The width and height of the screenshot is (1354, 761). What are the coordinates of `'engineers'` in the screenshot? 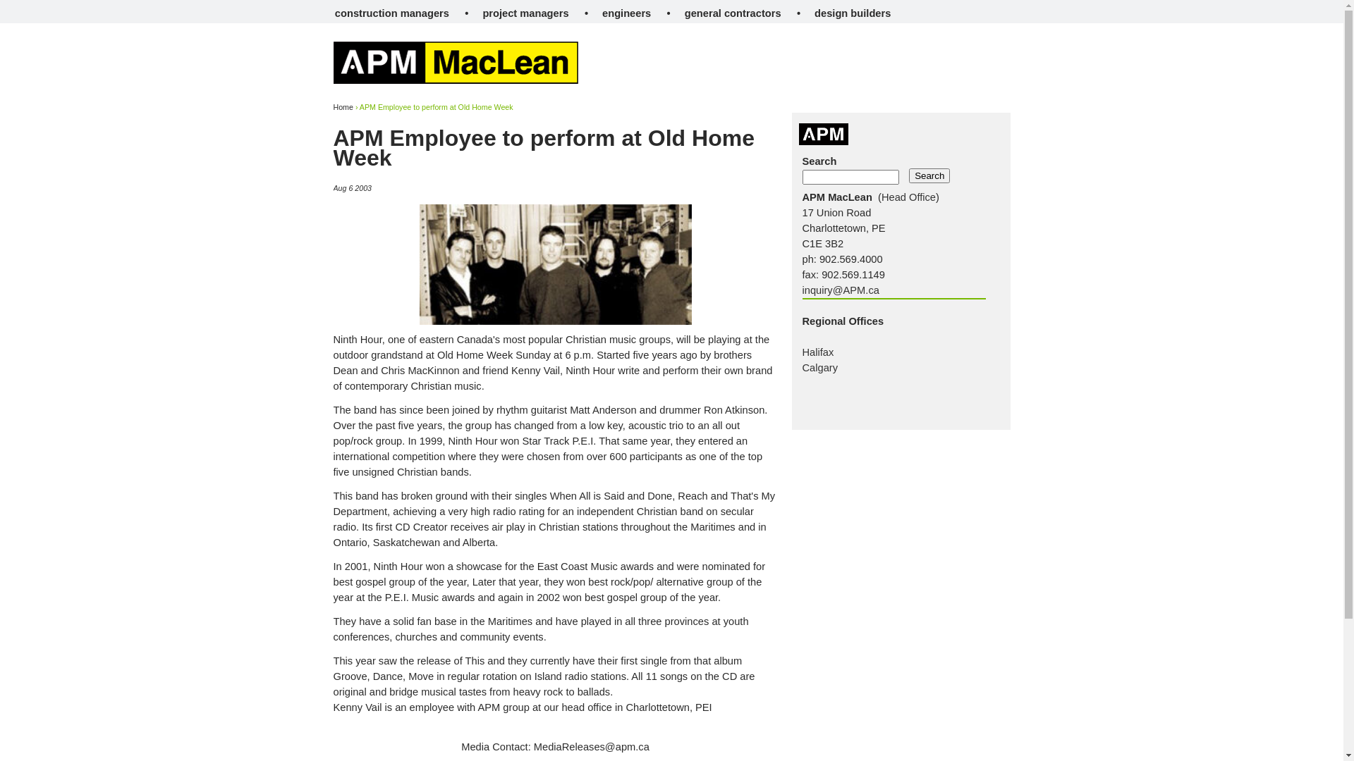 It's located at (626, 13).